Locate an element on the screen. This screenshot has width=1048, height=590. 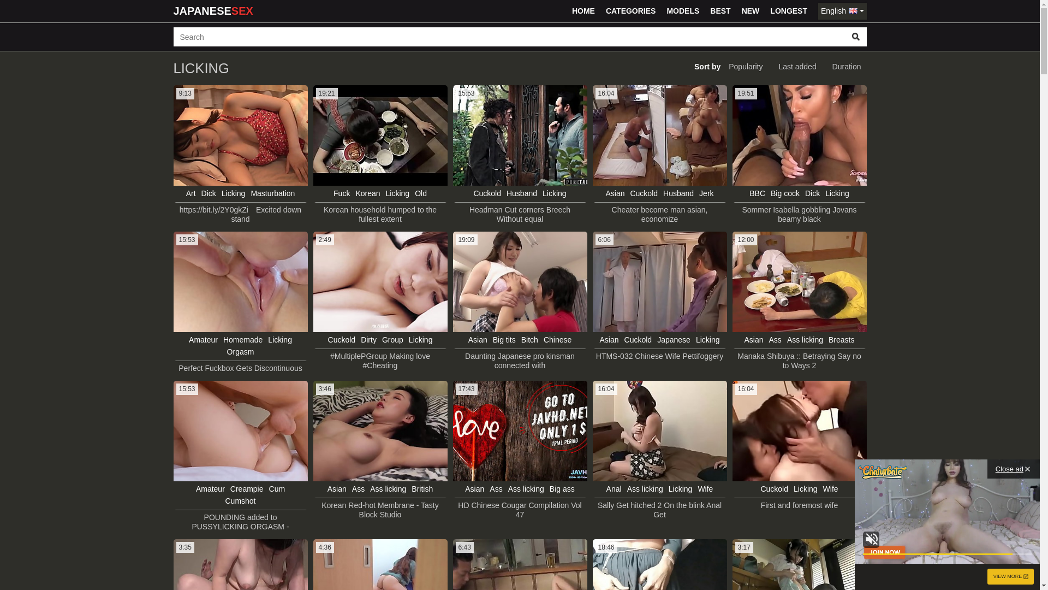
'Big tits' is located at coordinates (504, 339).